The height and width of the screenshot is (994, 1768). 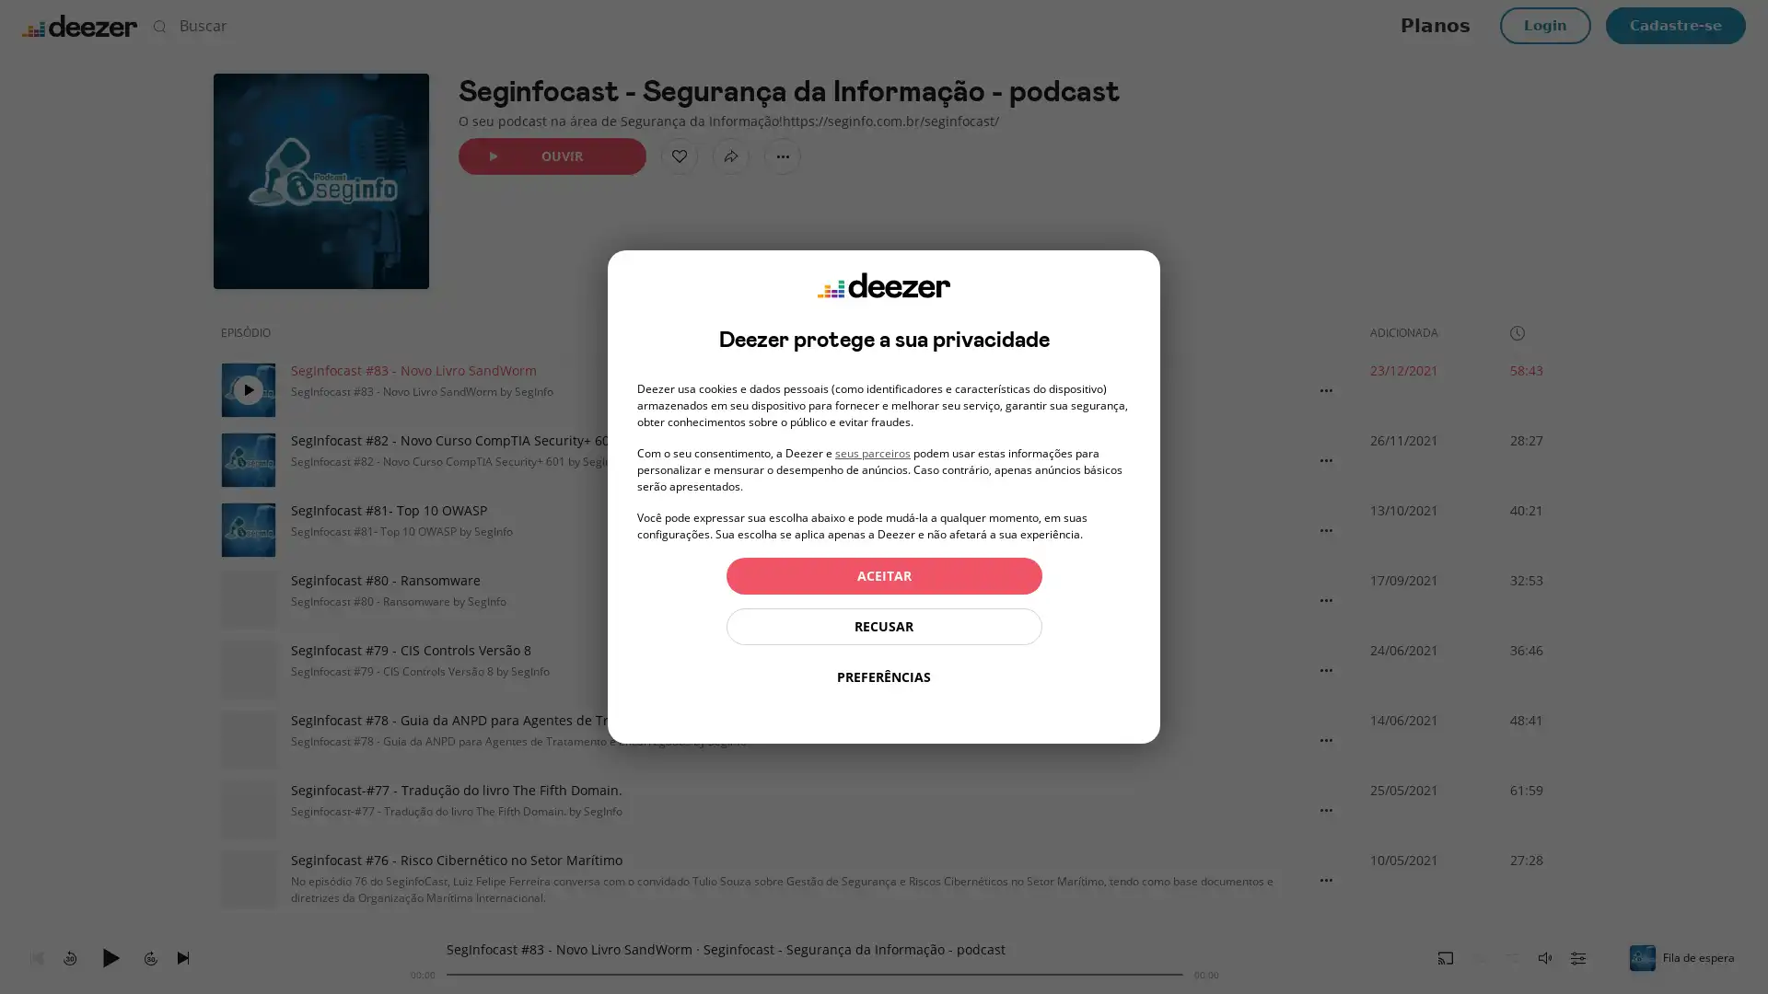 What do you see at coordinates (70, 956) in the screenshot?
I see `Voltar 30 segundos` at bounding box center [70, 956].